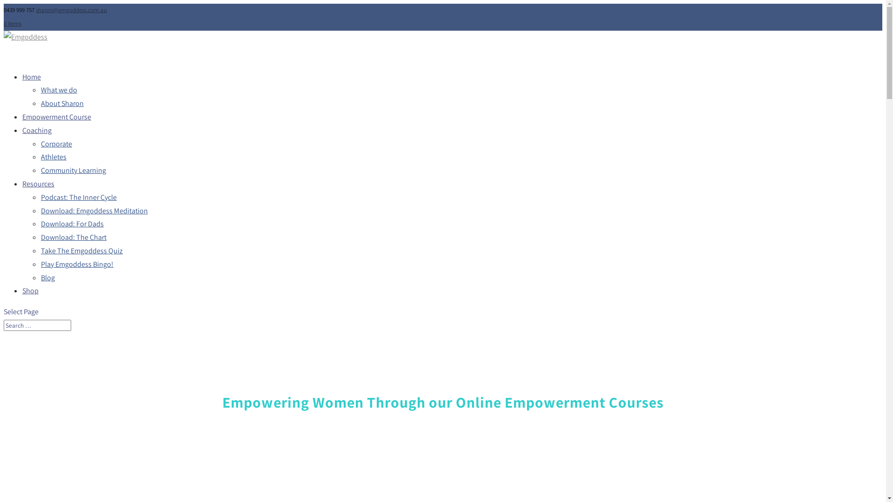 This screenshot has height=502, width=893. Describe the element at coordinates (22, 294) in the screenshot. I see `'Shop'` at that location.